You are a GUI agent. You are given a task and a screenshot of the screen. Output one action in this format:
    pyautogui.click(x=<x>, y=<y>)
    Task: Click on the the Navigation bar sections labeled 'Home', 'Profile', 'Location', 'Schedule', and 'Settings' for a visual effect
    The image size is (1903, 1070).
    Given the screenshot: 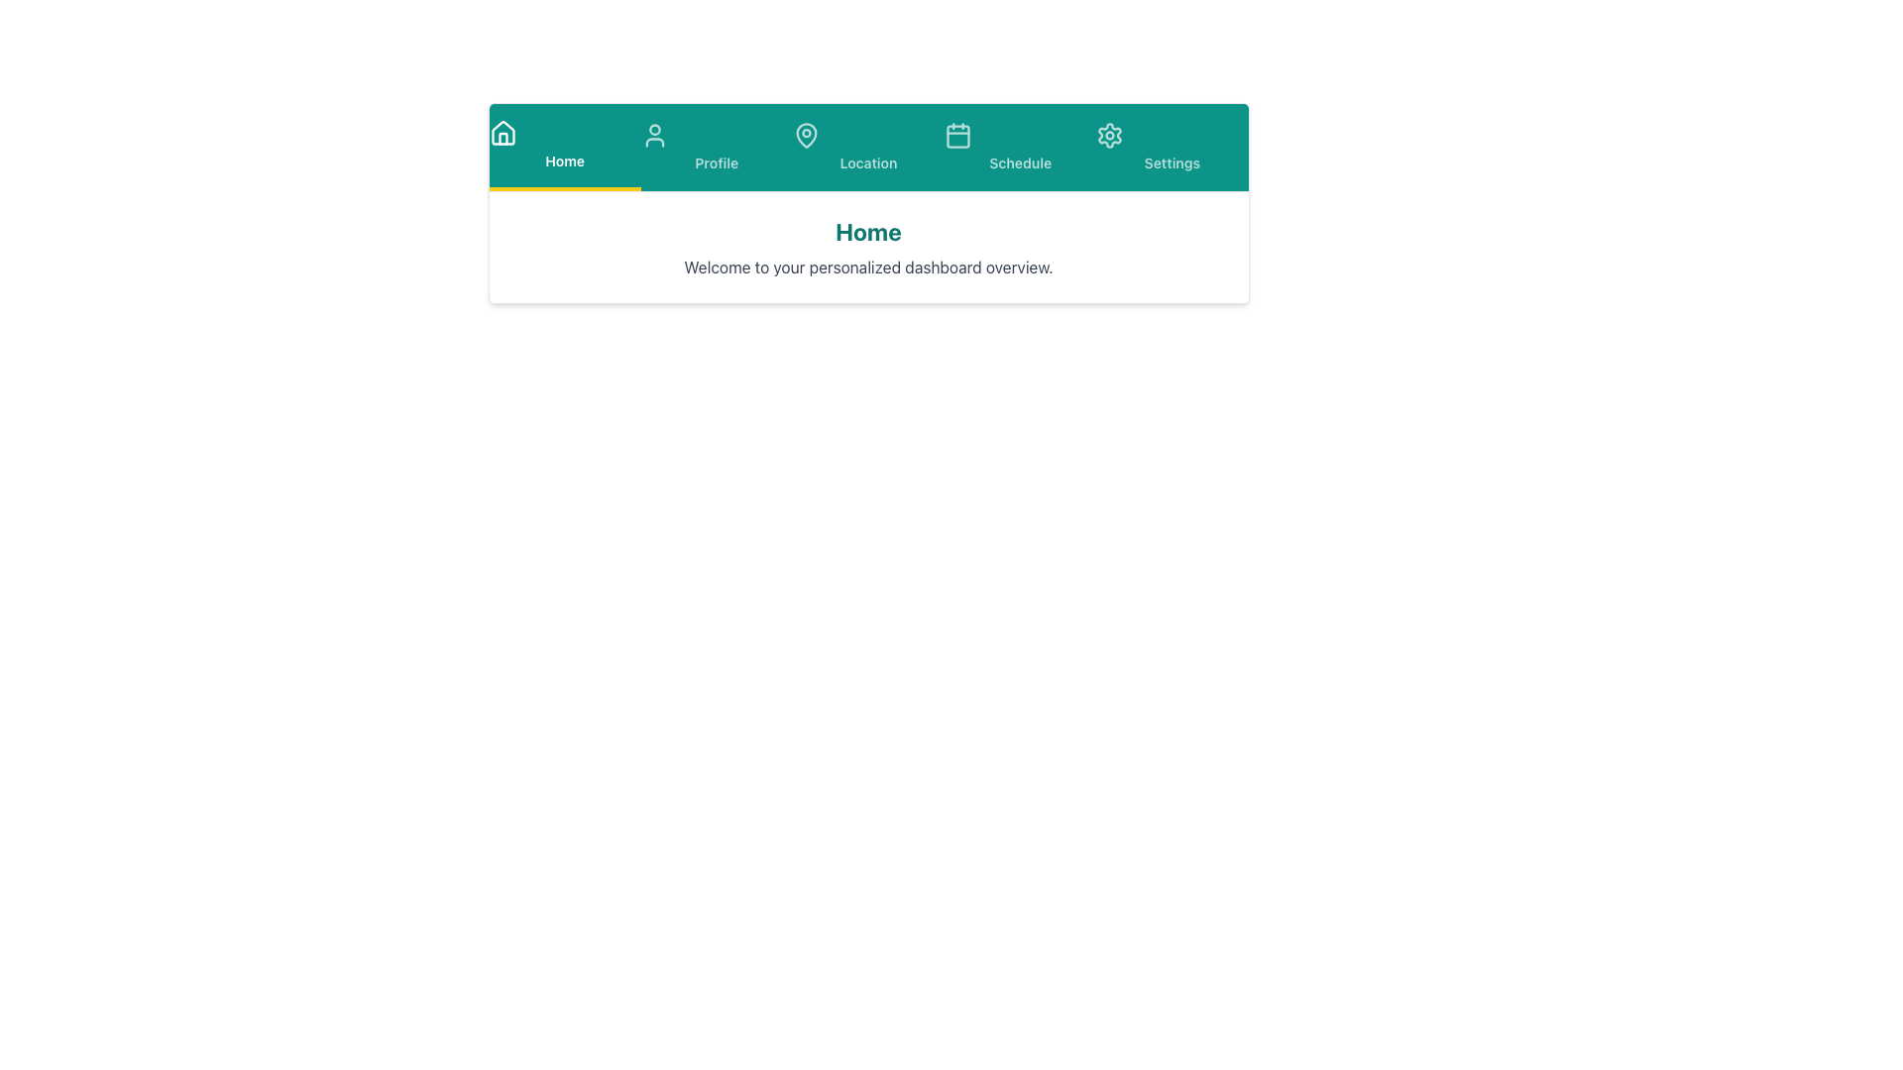 What is the action you would take?
    pyautogui.click(x=868, y=147)
    